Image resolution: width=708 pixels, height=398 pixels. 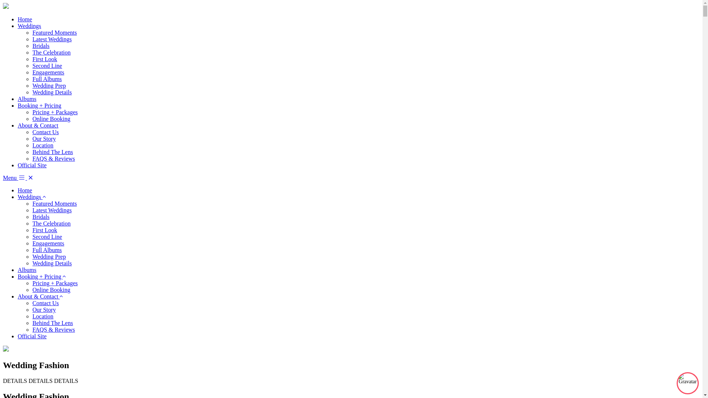 I want to click on 'Pricing + Packages', so click(x=55, y=283).